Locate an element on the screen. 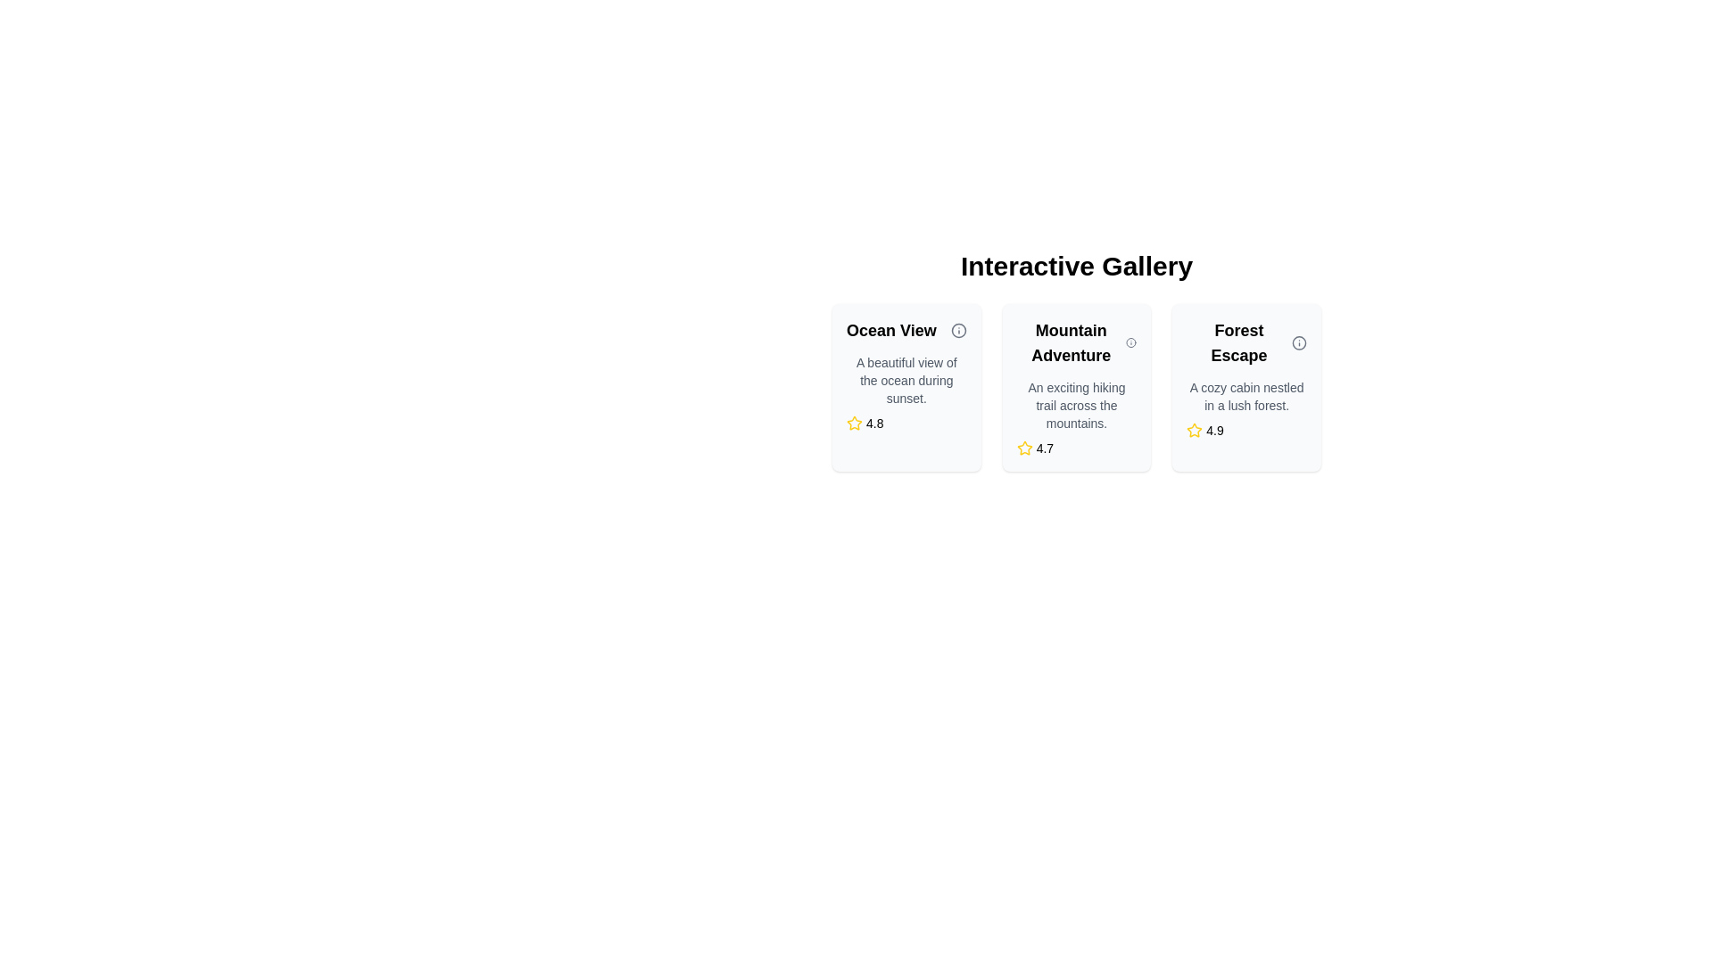 The height and width of the screenshot is (963, 1713). the SVG Circle element that serves as the background for the information icon in the third card of the gallery under the 'Forest Escape' heading is located at coordinates (1299, 343).